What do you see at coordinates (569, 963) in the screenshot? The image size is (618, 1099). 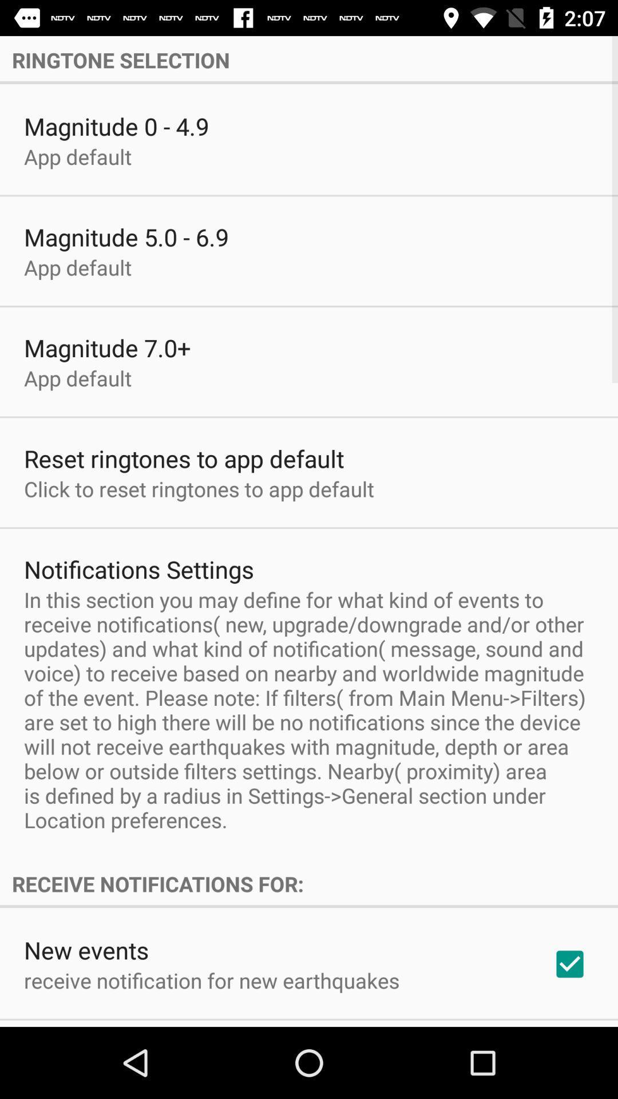 I see `the checkbox at the bottom right corner` at bounding box center [569, 963].